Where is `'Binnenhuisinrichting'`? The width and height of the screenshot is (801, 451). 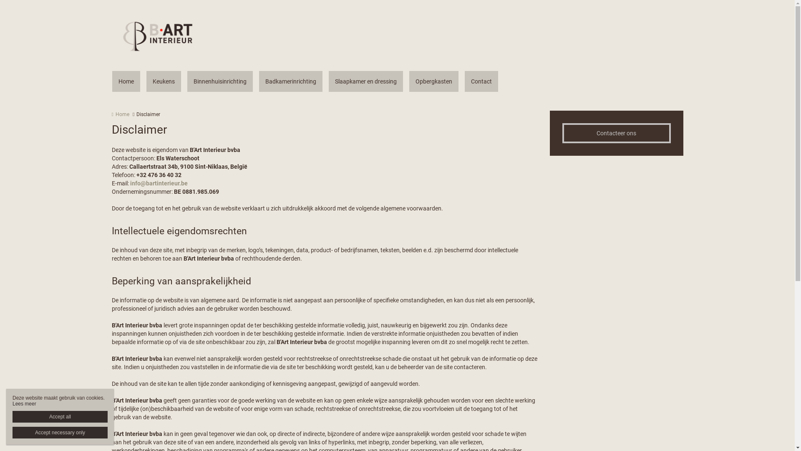 'Binnenhuisinrichting' is located at coordinates (219, 81).